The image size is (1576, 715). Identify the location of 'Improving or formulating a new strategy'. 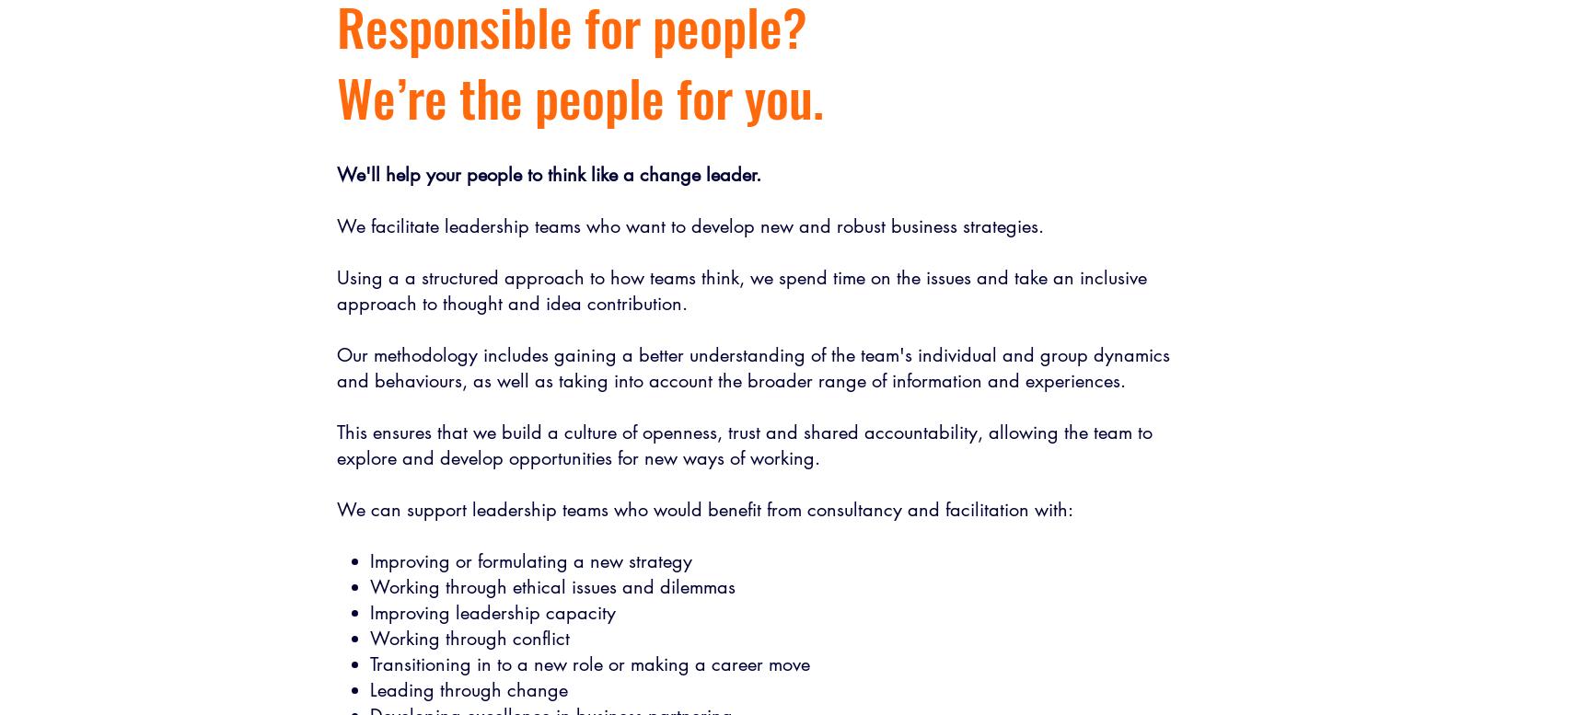
(529, 561).